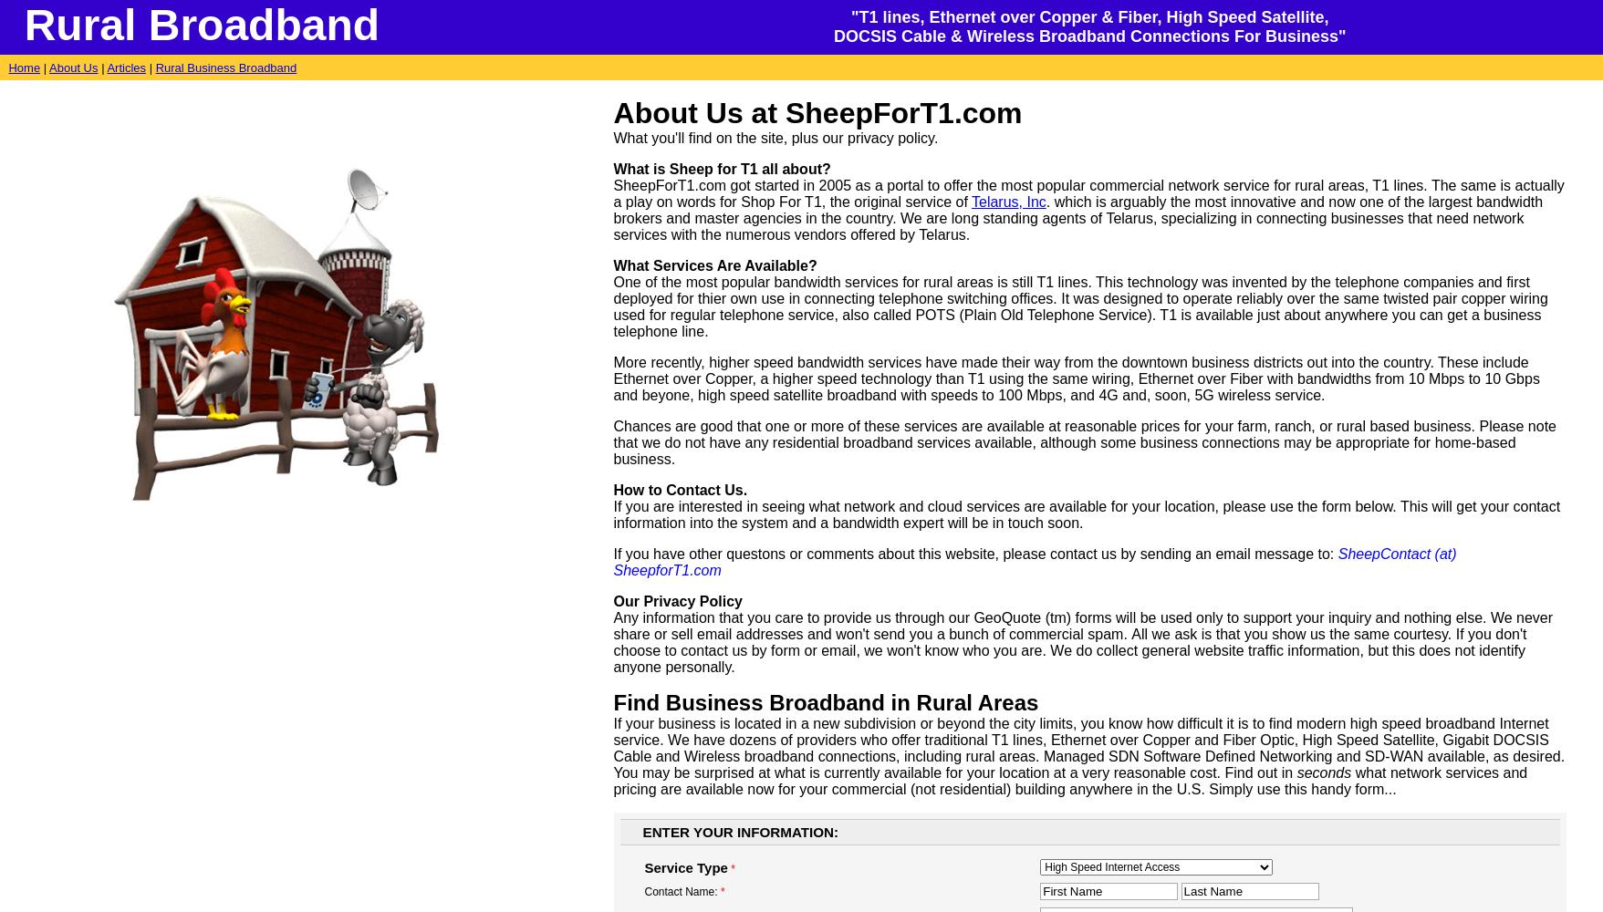 The image size is (1603, 912). I want to click on 'SheepContact (at) SheepforT1.com', so click(1033, 561).